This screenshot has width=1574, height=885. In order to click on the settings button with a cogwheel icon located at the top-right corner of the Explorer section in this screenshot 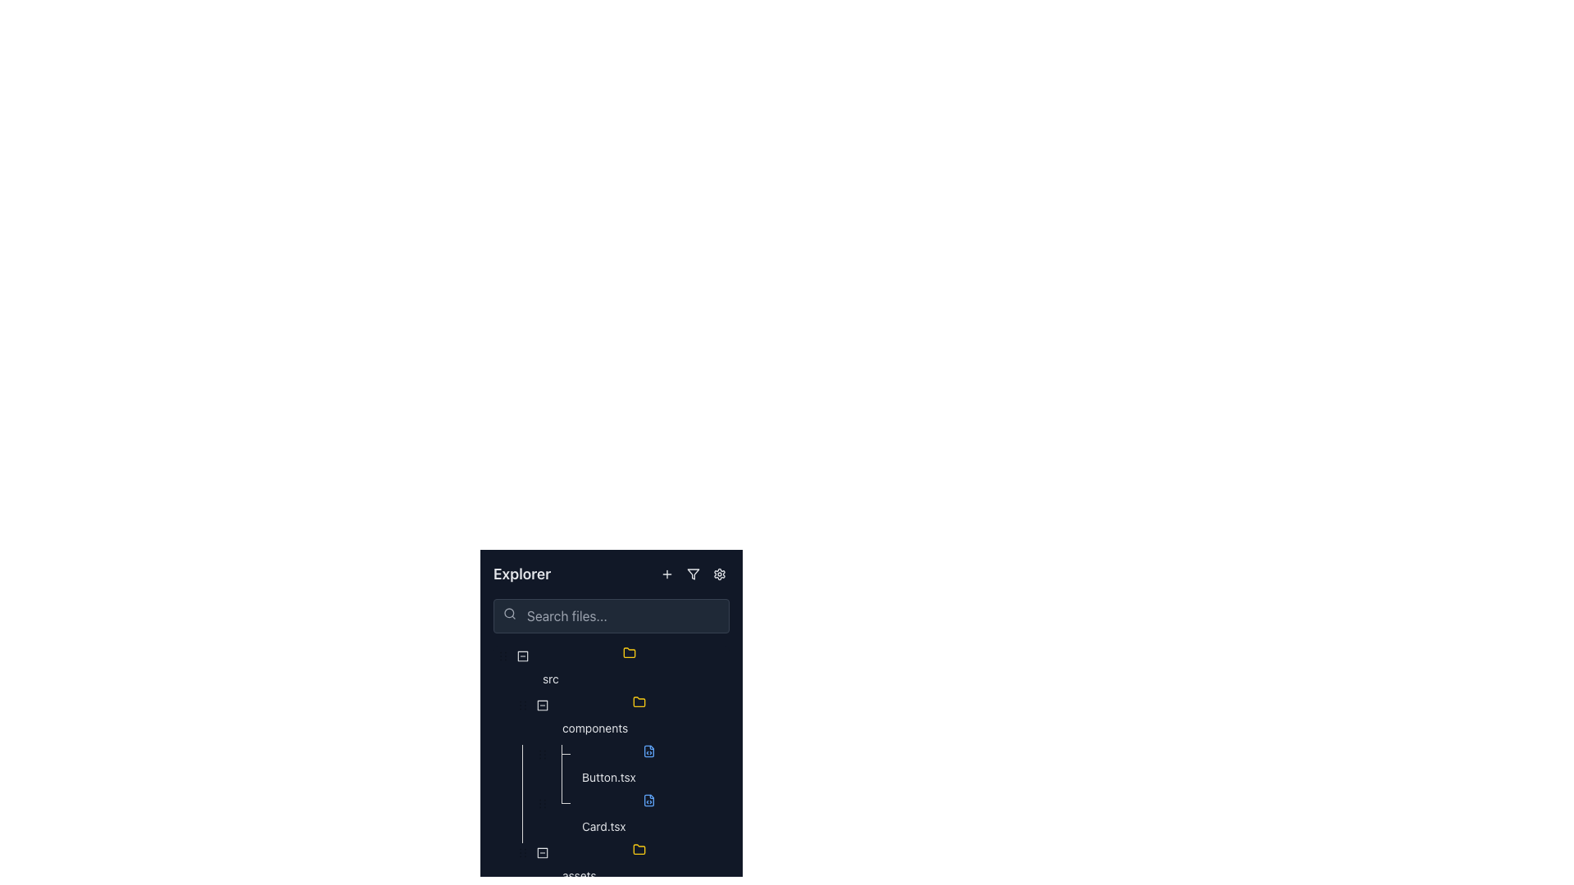, I will do `click(720, 574)`.